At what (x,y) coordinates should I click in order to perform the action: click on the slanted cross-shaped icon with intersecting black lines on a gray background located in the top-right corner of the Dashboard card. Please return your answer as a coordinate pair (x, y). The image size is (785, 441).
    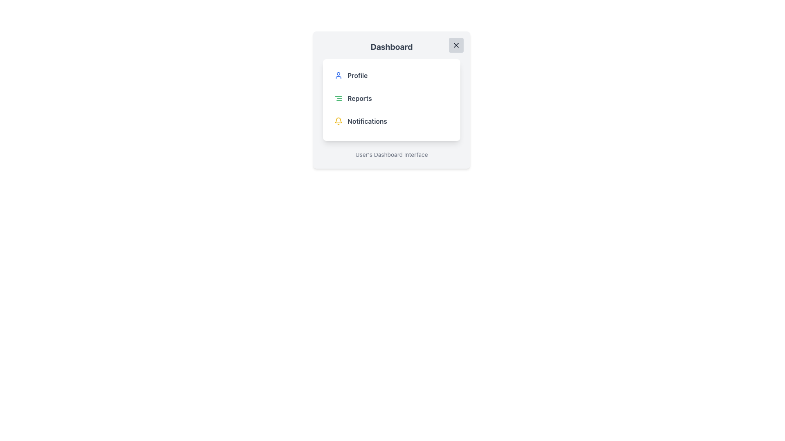
    Looking at the image, I should click on (456, 45).